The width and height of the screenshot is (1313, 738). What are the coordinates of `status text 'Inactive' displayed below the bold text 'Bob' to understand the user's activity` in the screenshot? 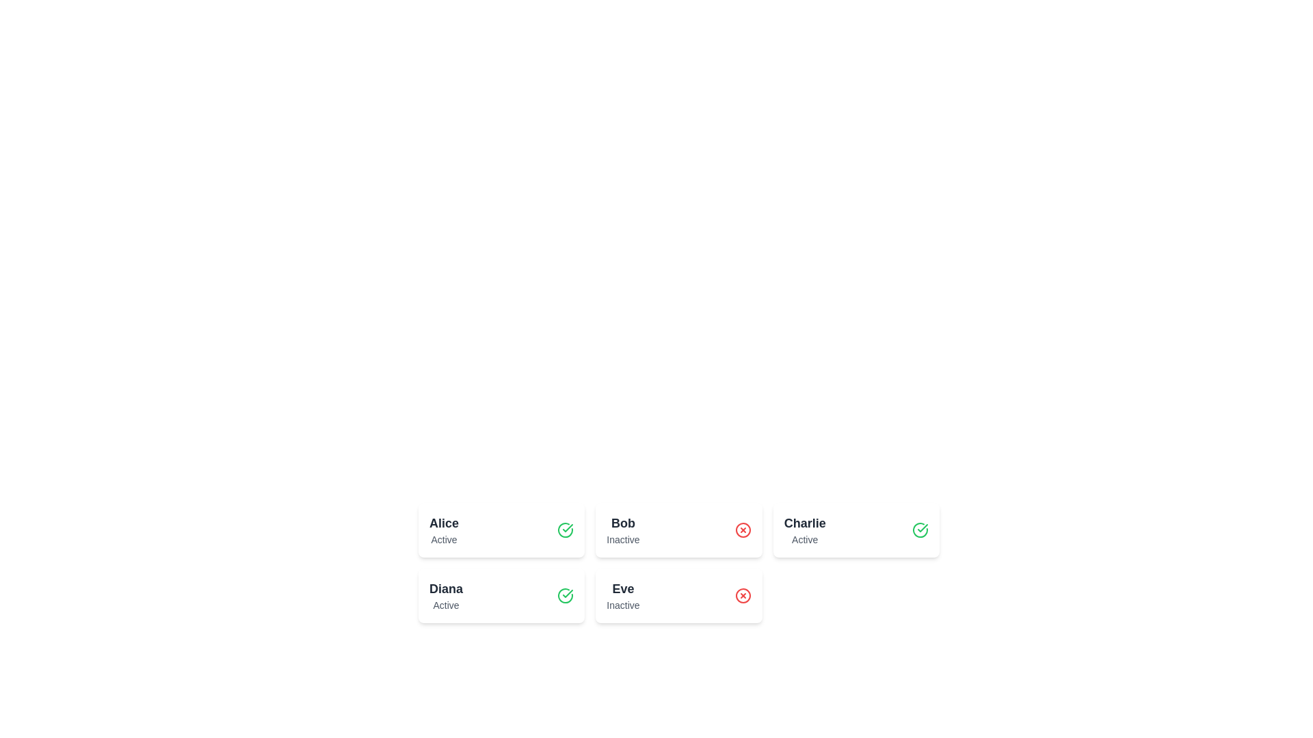 It's located at (622, 539).